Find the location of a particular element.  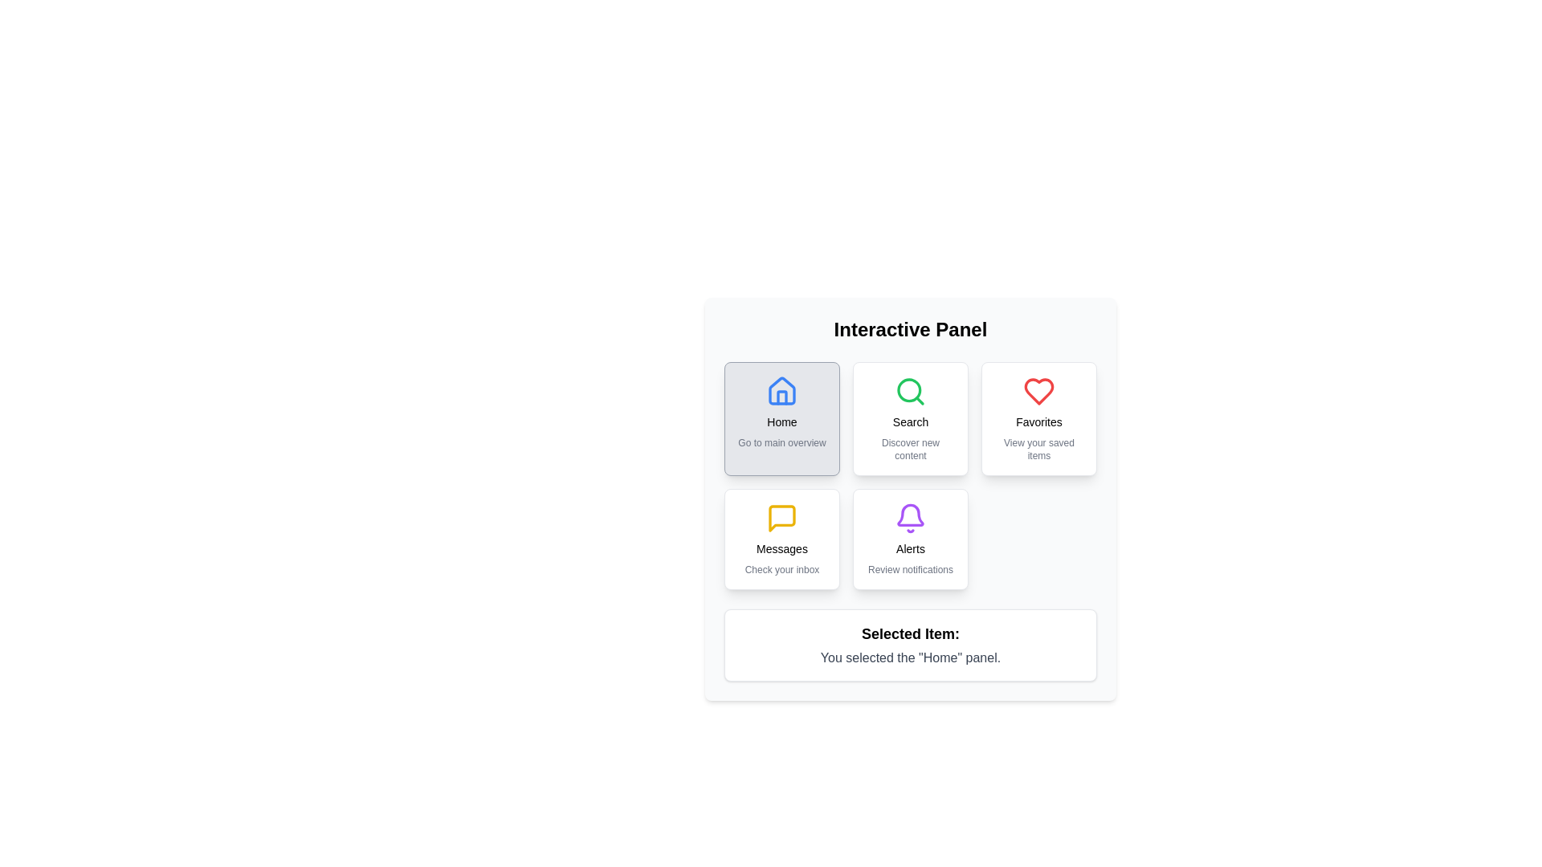

the visual icon in the 'Messages' tile located in the bottom-left corner of the grid within the 'Interactive Panel', which serves as a portal to check messages or inbox items is located at coordinates (782, 518).